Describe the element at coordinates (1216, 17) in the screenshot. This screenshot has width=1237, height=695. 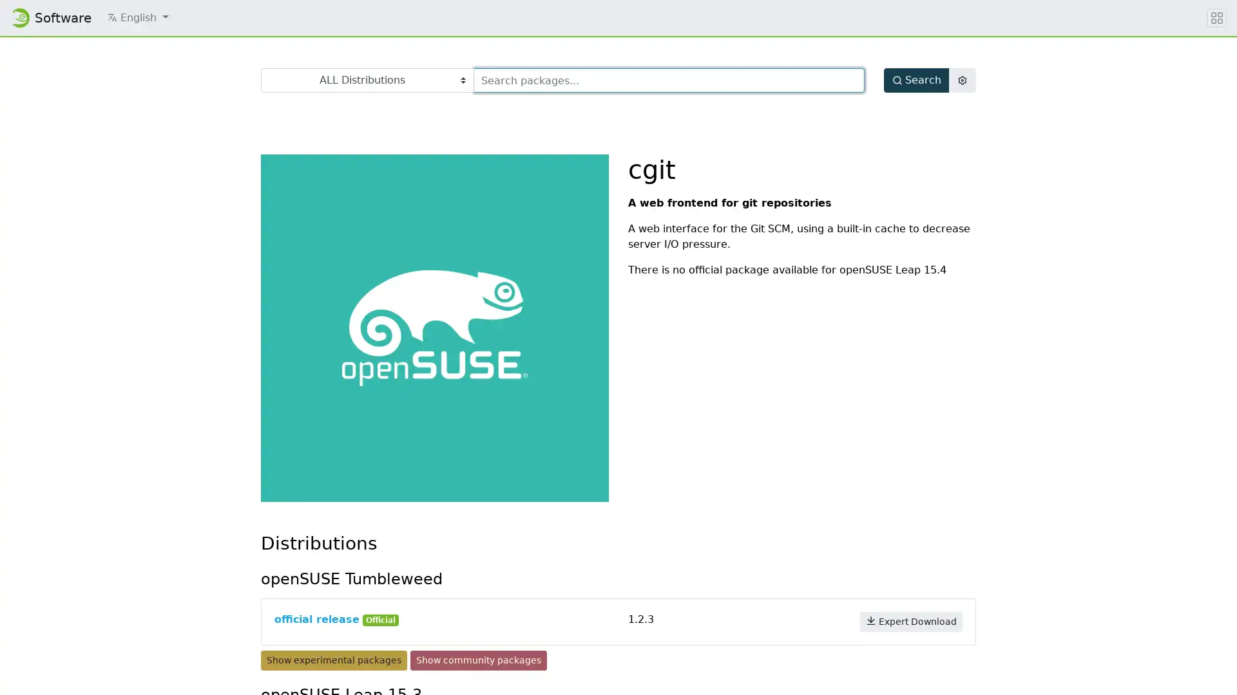
I see `title` at that location.